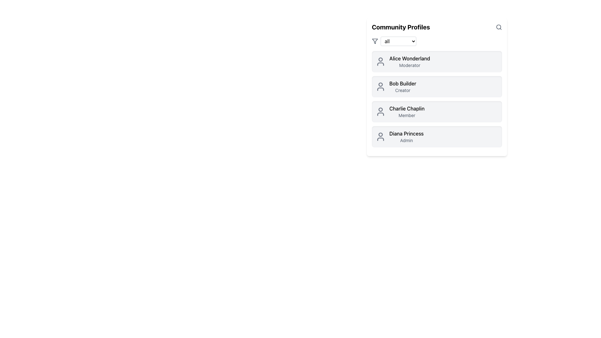  I want to click on the first user profile card in the Community Profiles list, which displays the name and role of a community member, so click(437, 61).